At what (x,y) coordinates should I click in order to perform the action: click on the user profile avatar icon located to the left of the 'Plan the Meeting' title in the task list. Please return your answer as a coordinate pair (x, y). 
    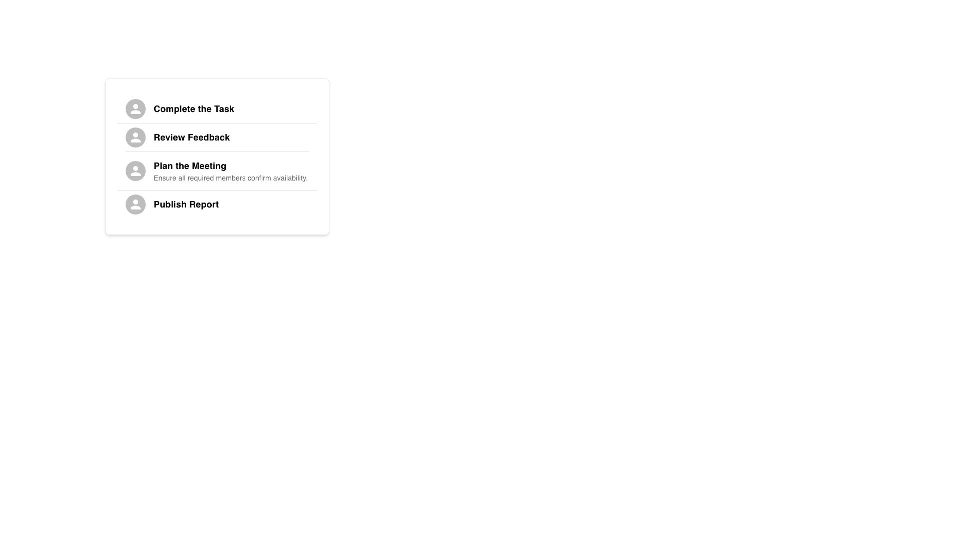
    Looking at the image, I should click on (135, 170).